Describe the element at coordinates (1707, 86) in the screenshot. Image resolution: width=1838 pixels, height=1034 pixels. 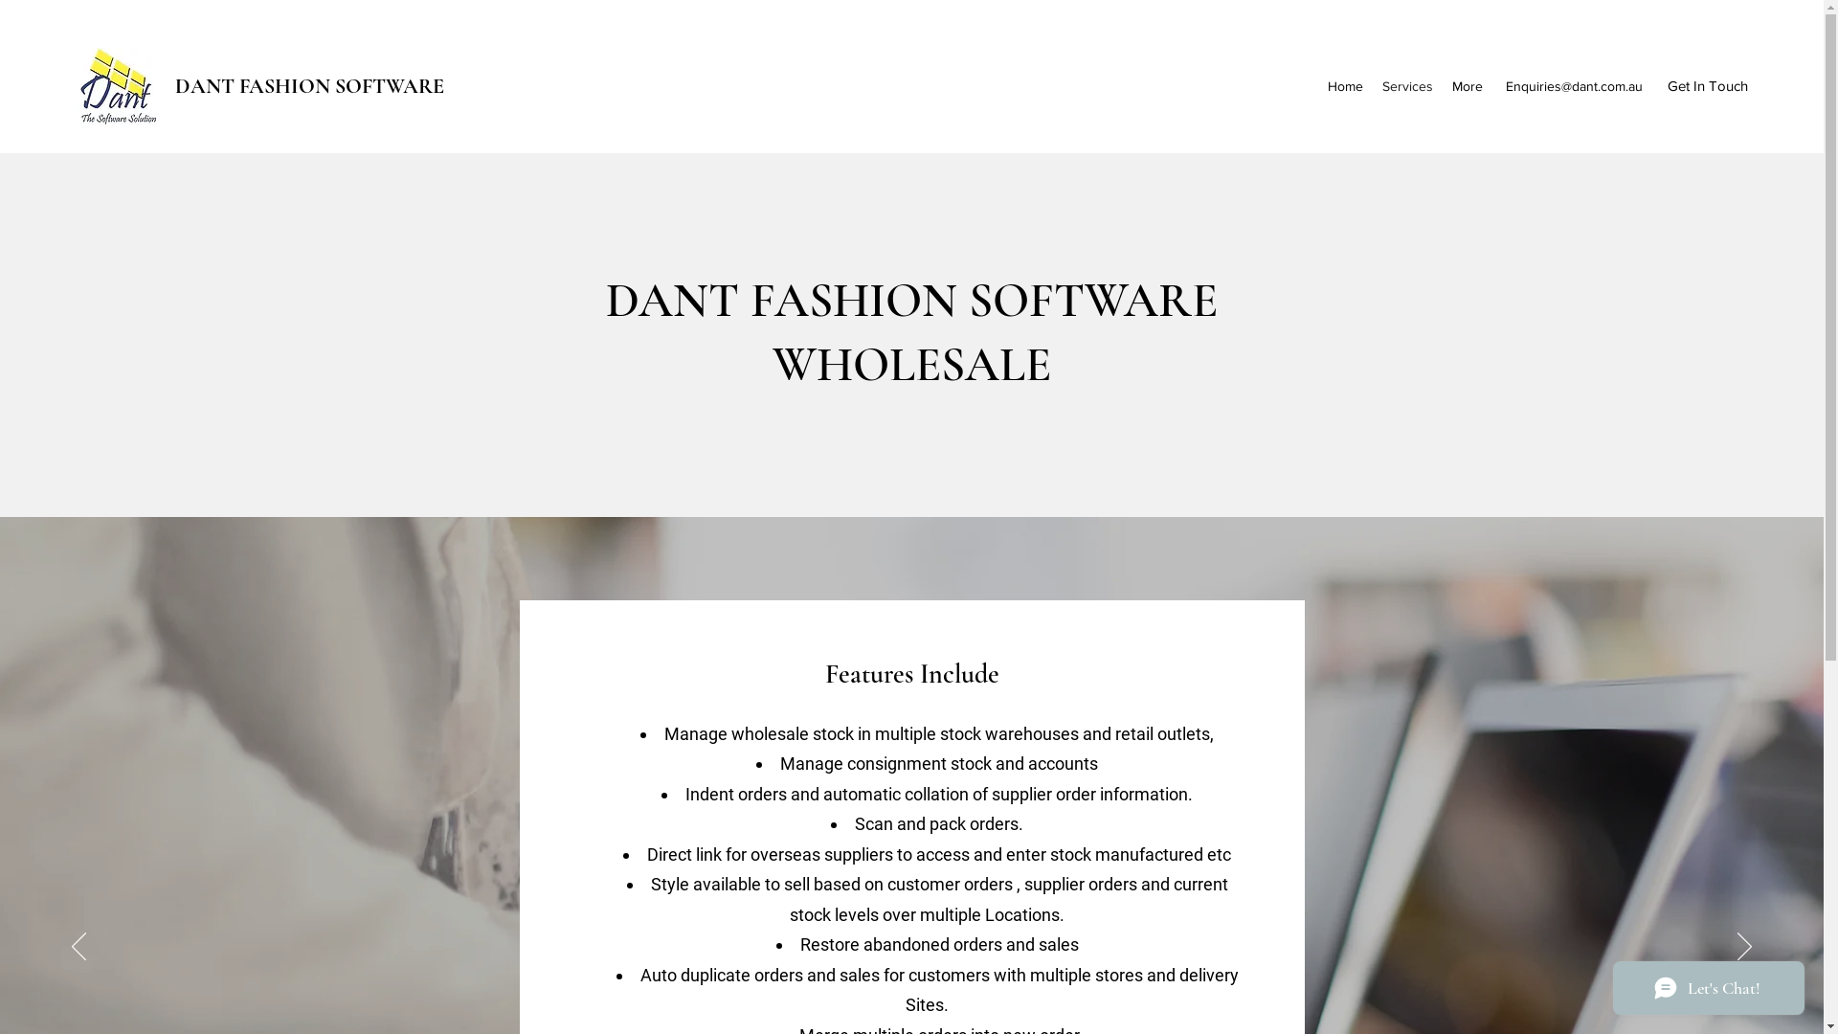
I see `'Get In Touch'` at that location.